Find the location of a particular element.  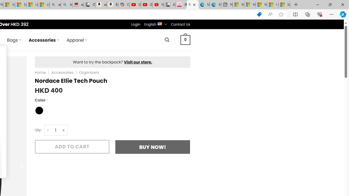

'Browser essentials' is located at coordinates (319, 14).